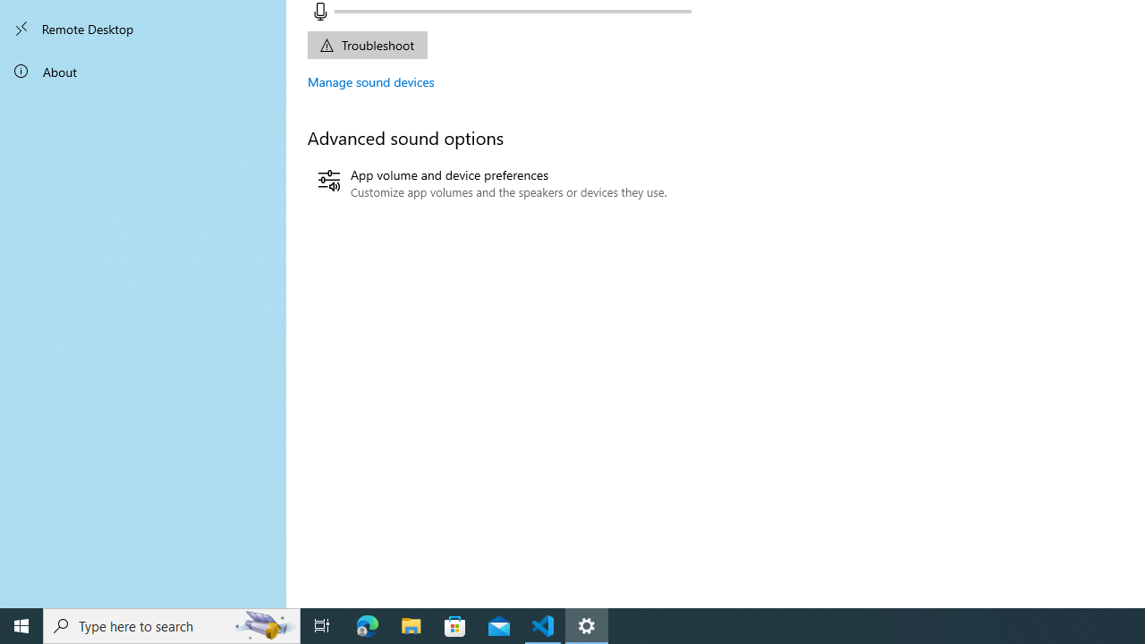 This screenshot has height=644, width=1145. I want to click on 'Task View', so click(321, 624).